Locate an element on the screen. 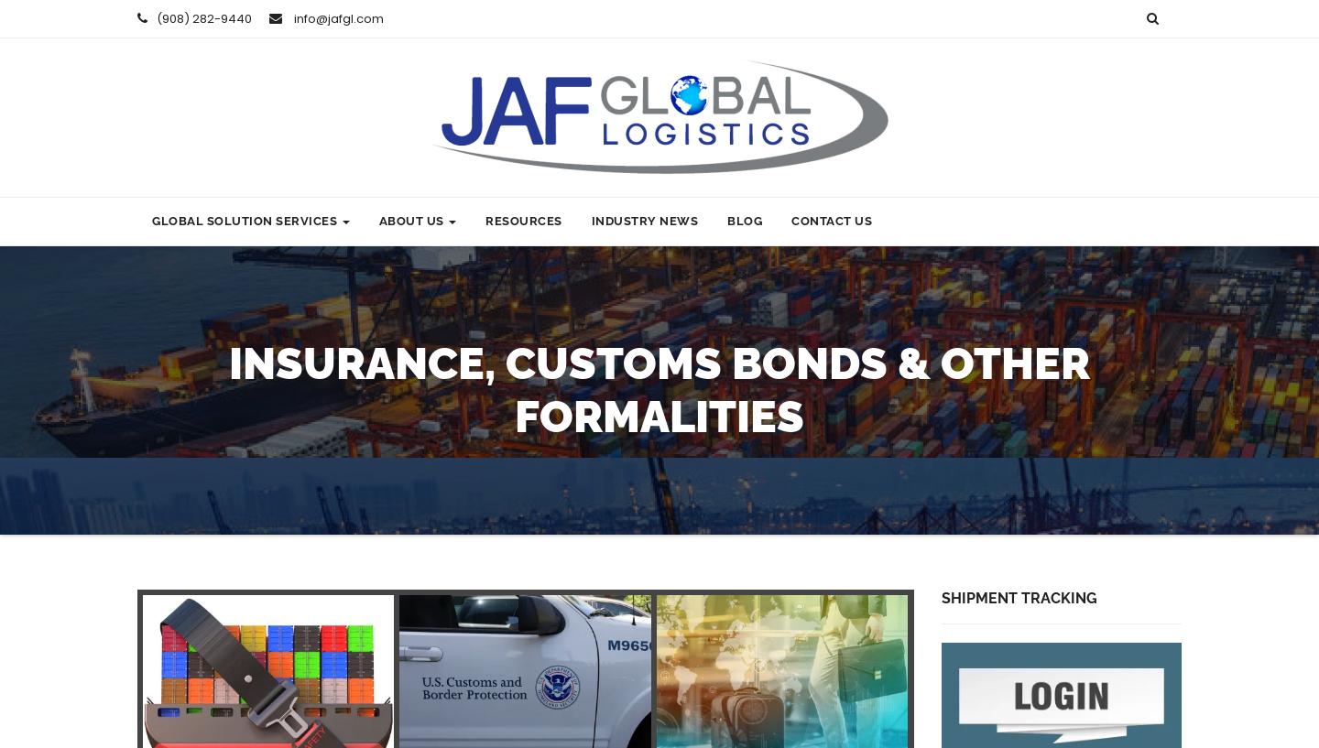 The image size is (1319, 748). 'Insurance, Customs Bonds & Other Formalities' is located at coordinates (659, 389).